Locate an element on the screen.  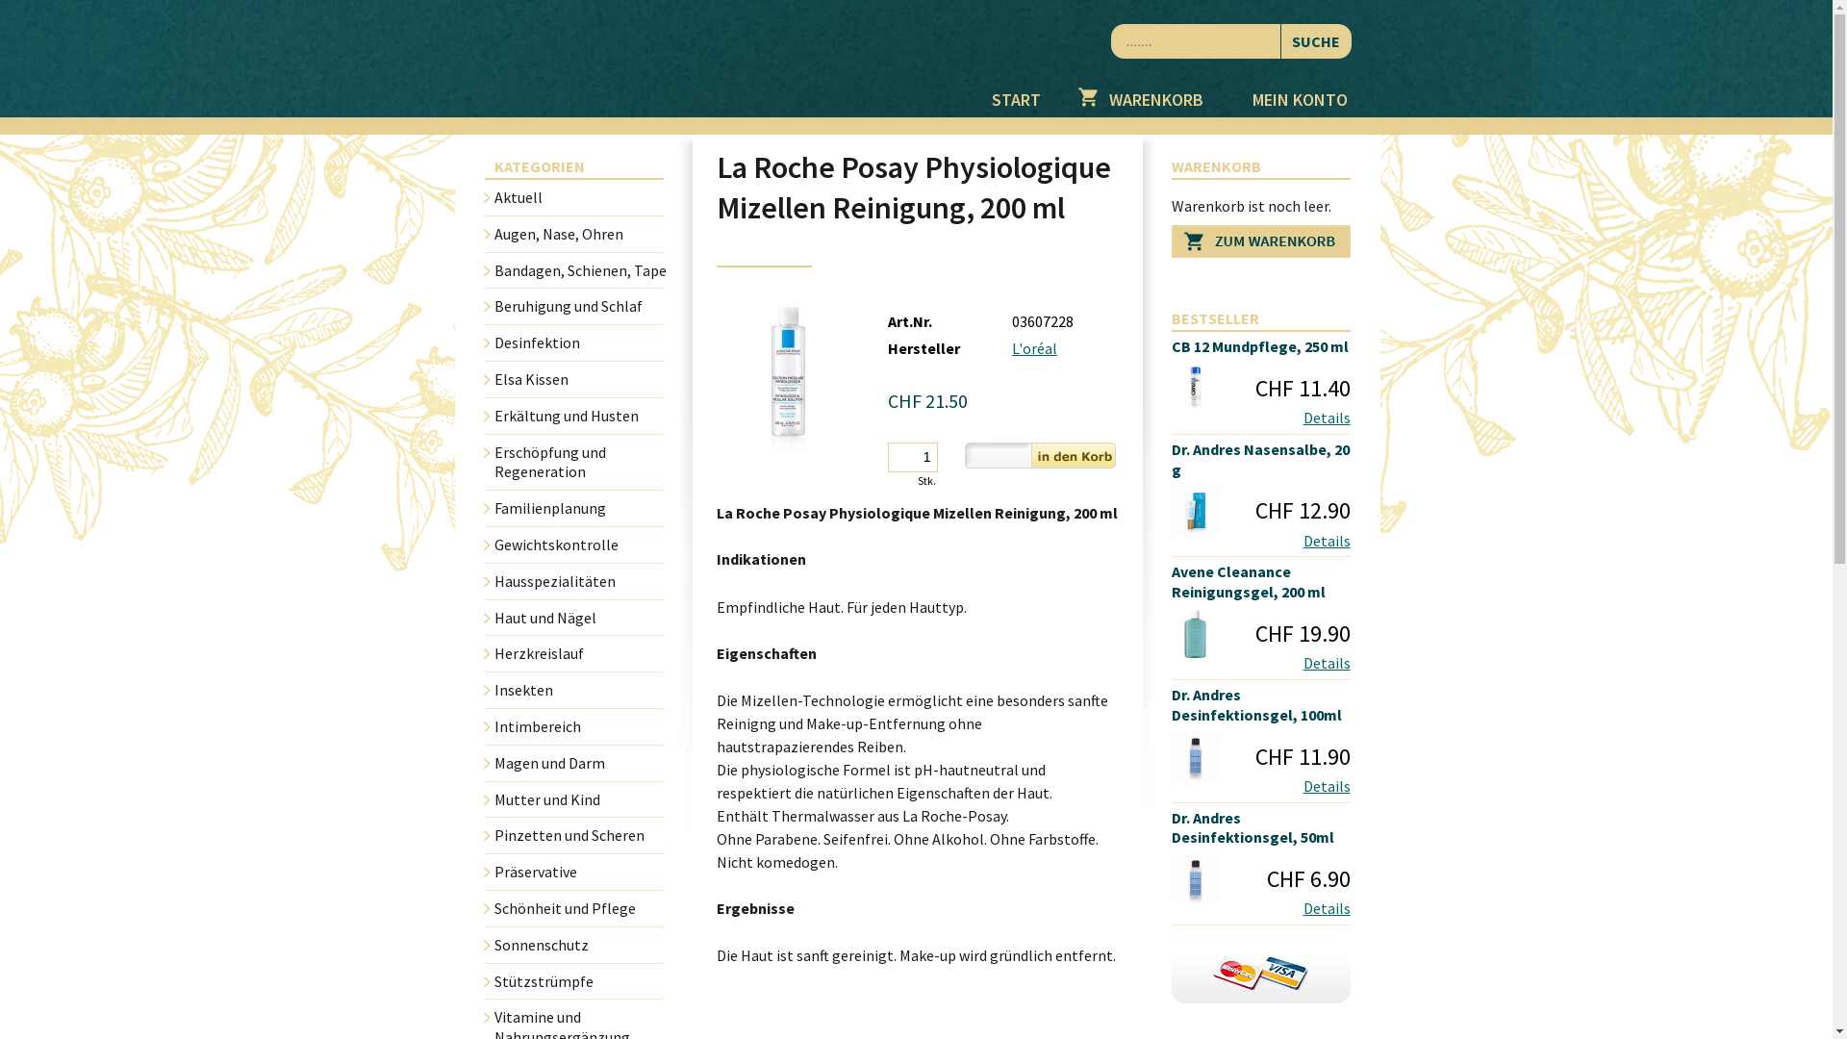
'Desinfektion' is located at coordinates (485, 342).